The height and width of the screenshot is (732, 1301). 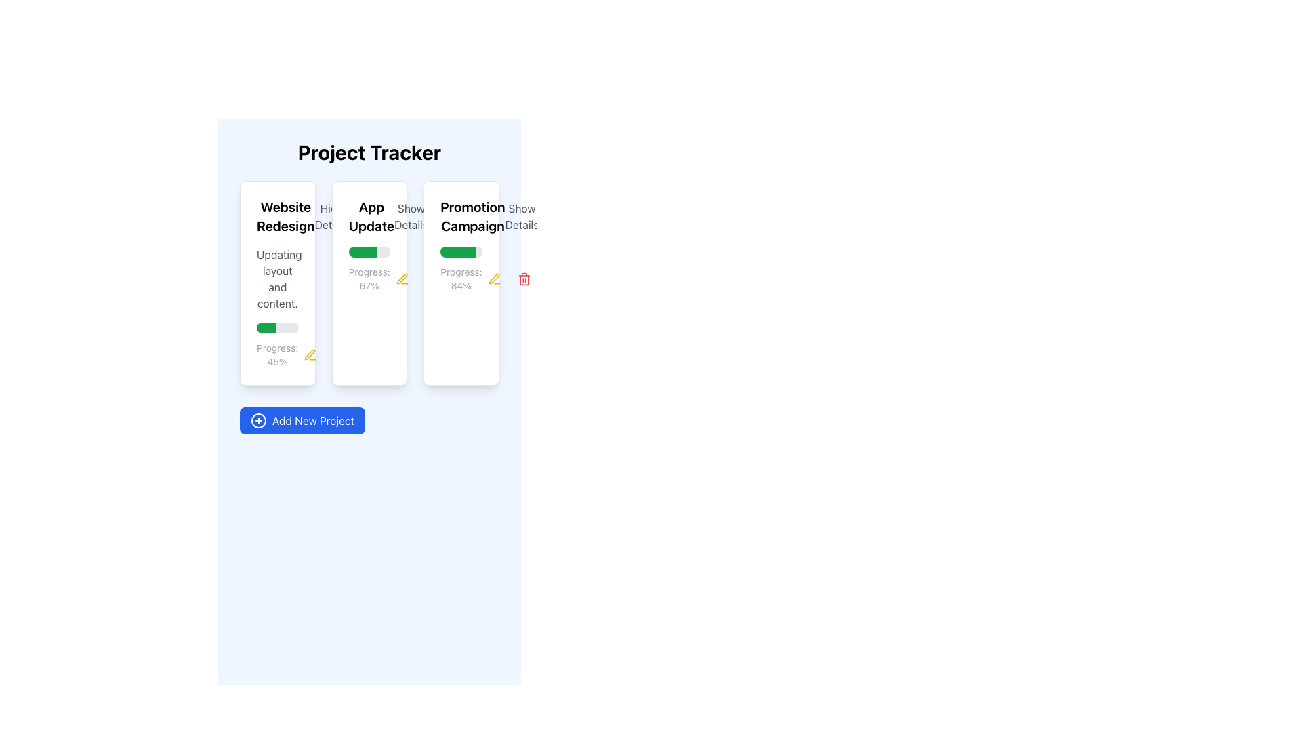 I want to click on the text block that reads 'Updating layout and content.' which is located within the first card under the heading 'Website Redesign', so click(x=276, y=279).